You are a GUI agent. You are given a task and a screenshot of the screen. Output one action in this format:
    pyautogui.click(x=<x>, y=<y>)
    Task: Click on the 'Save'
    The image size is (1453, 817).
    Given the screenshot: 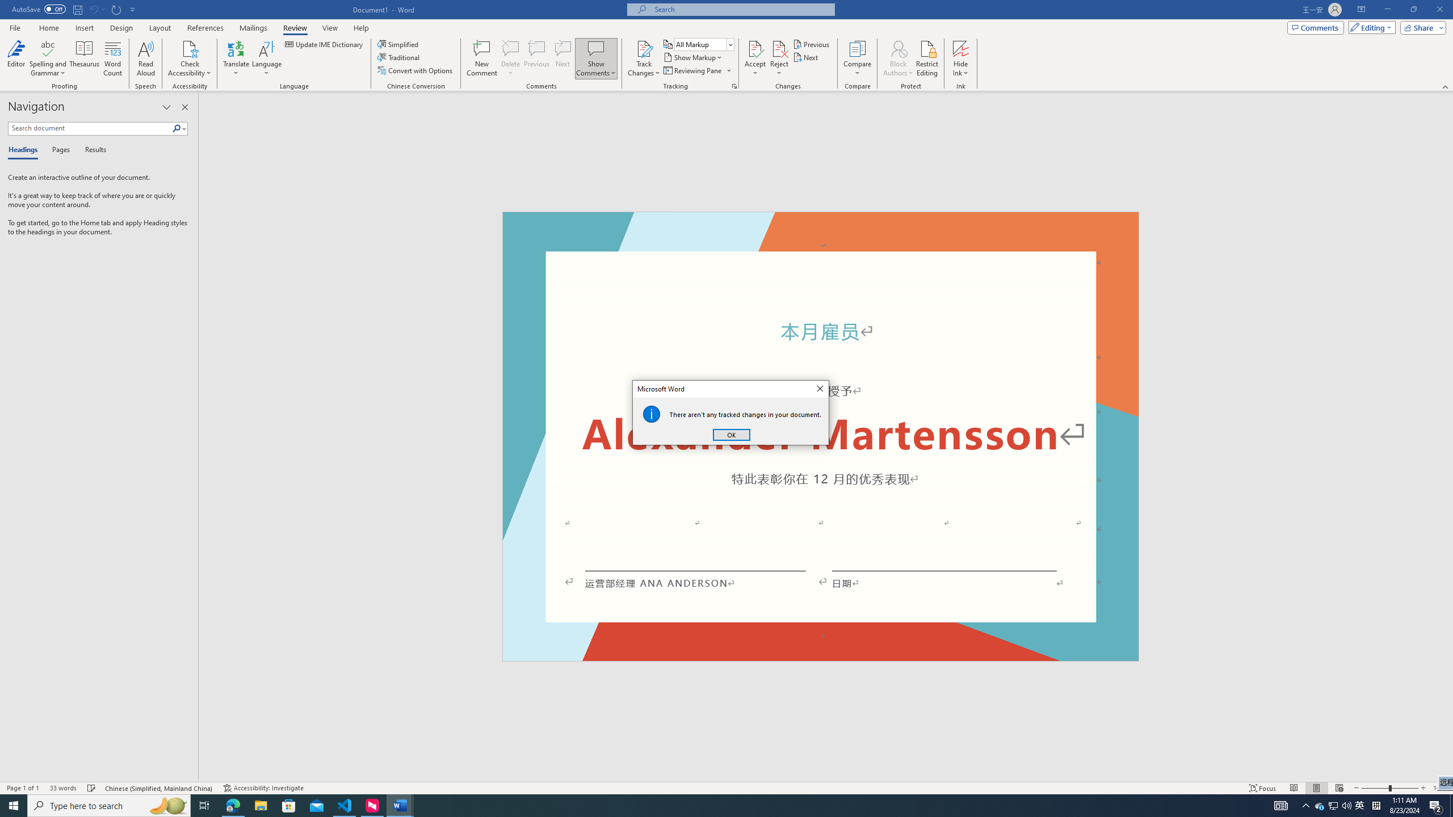 What is the action you would take?
    pyautogui.click(x=77, y=9)
    